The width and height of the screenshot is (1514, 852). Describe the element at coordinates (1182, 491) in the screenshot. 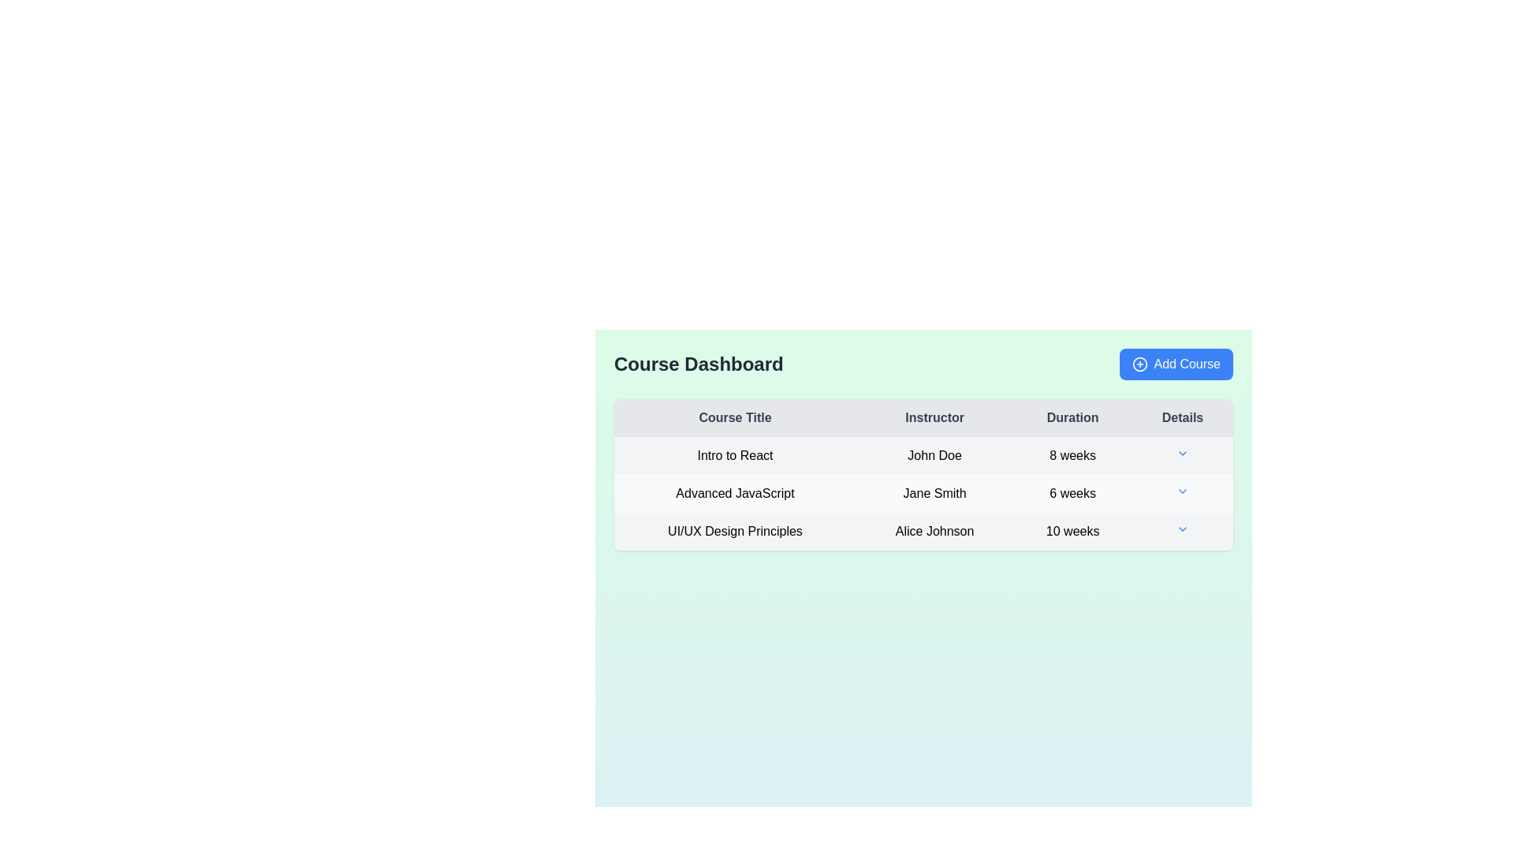

I see `the dropdown indicator icon in the 'Details' column of the second row` at that location.